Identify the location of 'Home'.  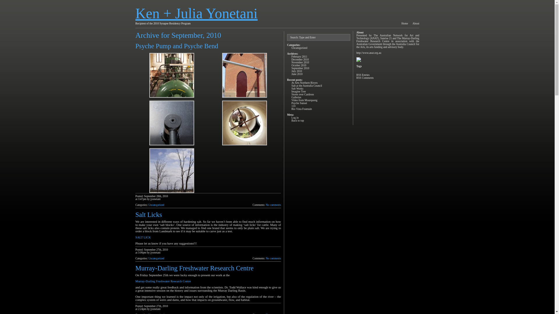
(404, 23).